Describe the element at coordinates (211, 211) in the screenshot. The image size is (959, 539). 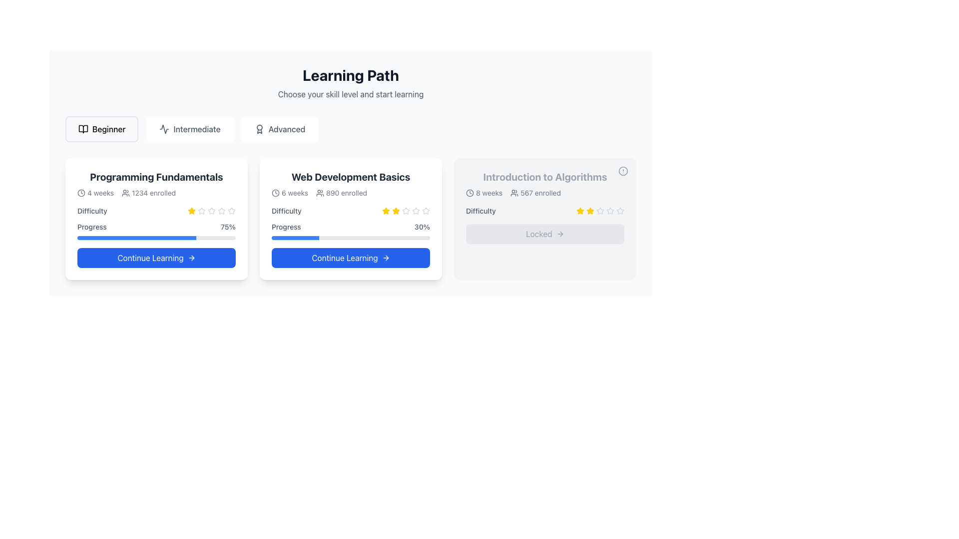
I see `the fourth star icon in the rating system below the 'Difficulty' label` at that location.